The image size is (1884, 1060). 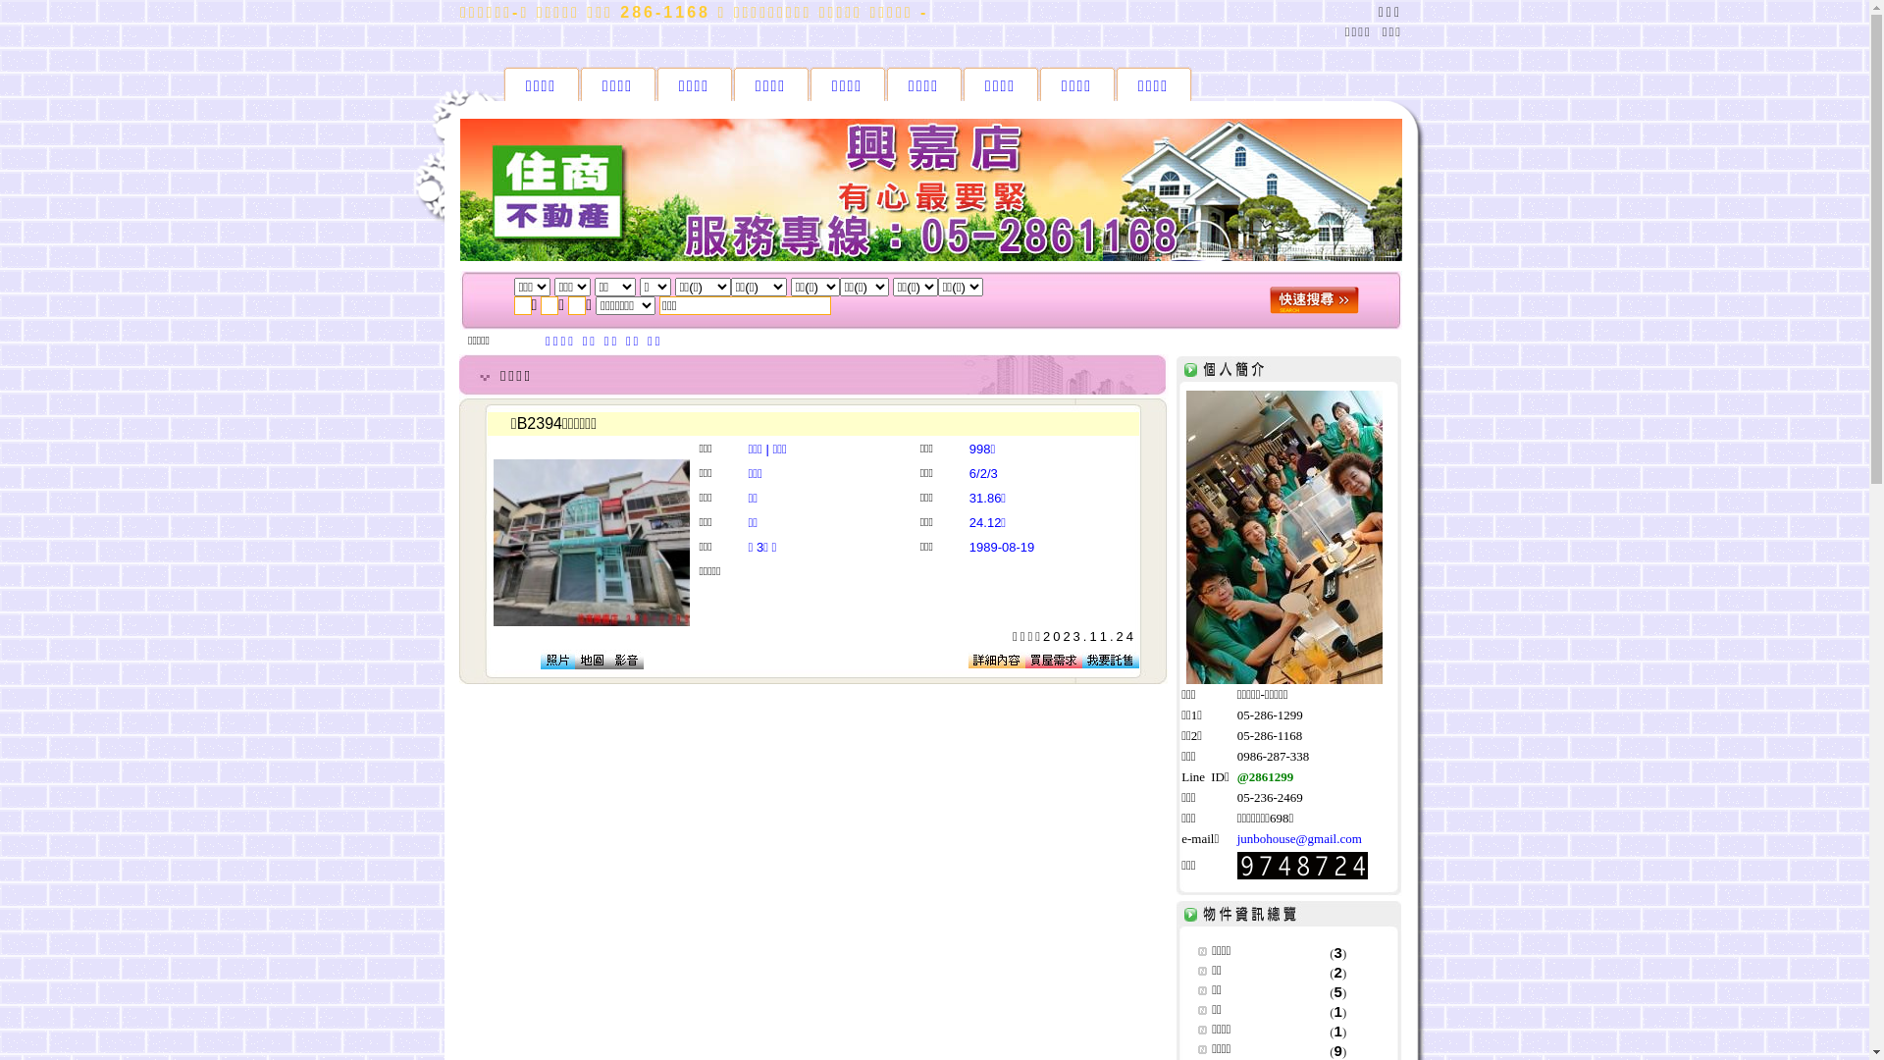 What do you see at coordinates (1299, 838) in the screenshot?
I see `'junbohouse@gmail.com'` at bounding box center [1299, 838].